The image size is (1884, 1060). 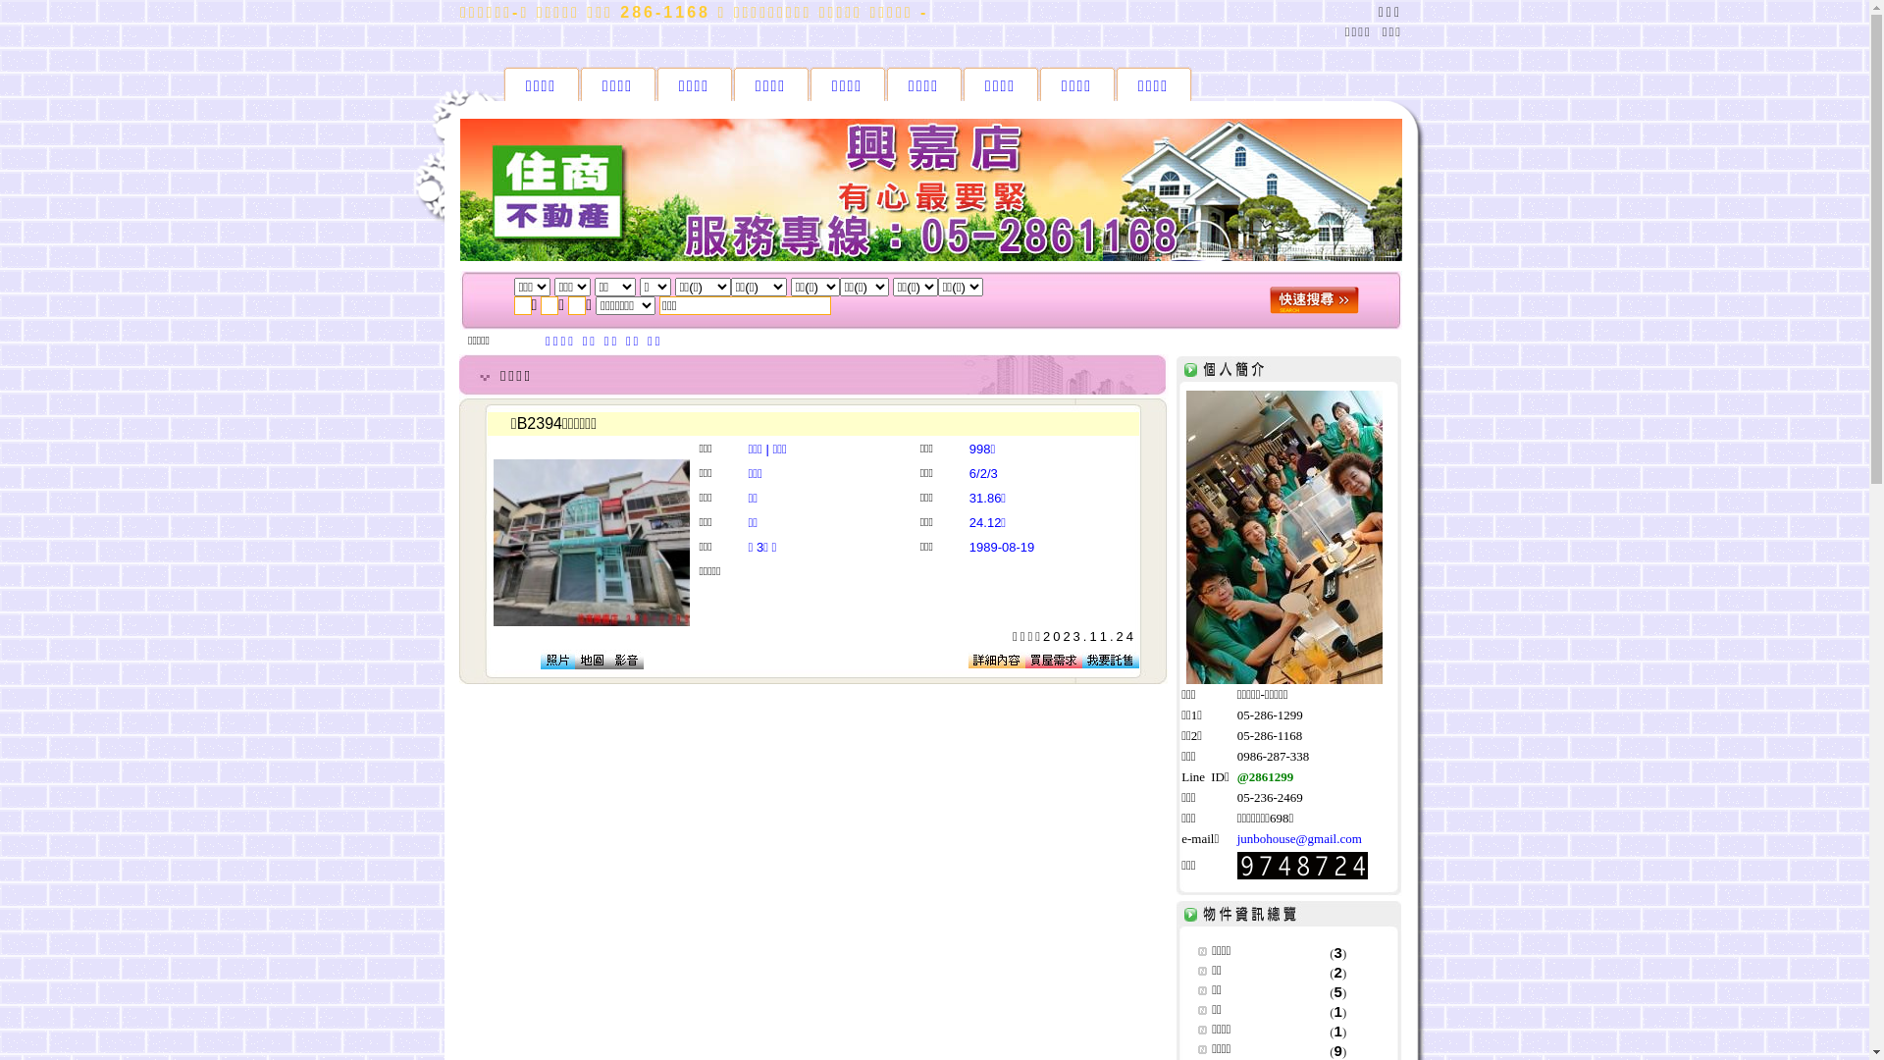 What do you see at coordinates (1299, 838) in the screenshot?
I see `'junbohouse@gmail.com'` at bounding box center [1299, 838].